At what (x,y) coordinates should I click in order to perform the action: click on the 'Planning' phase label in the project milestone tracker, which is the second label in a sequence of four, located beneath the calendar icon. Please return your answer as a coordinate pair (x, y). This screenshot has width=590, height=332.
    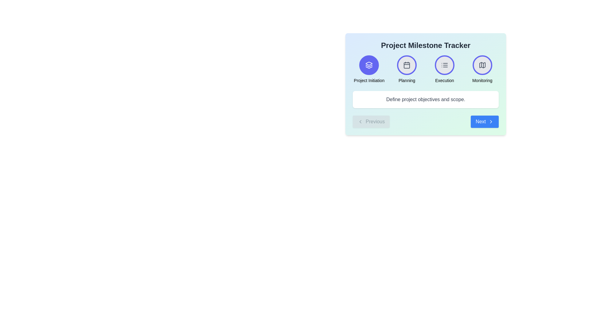
    Looking at the image, I should click on (407, 80).